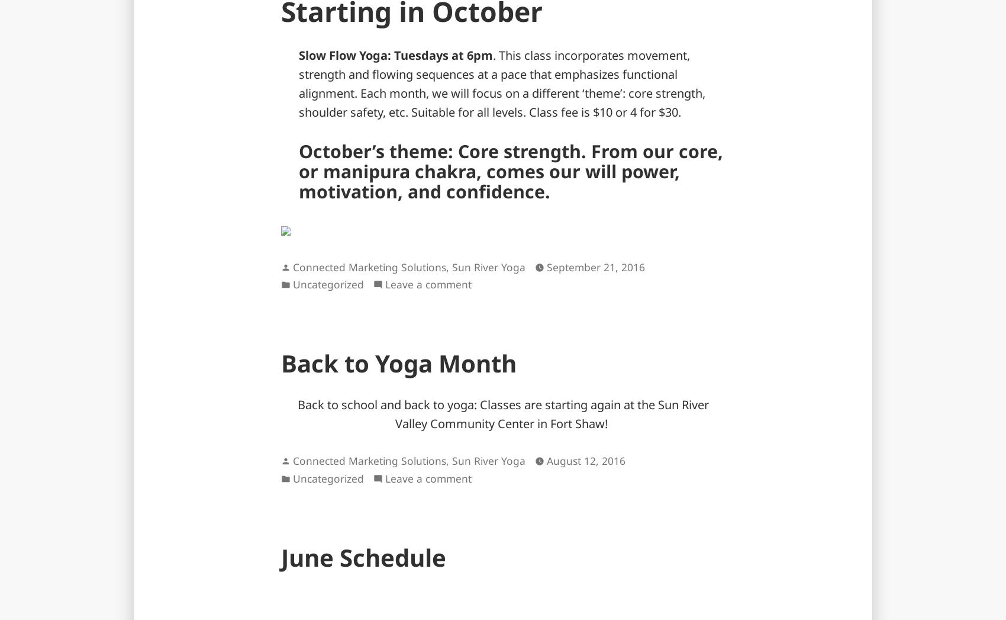 This screenshot has width=1006, height=620. I want to click on 'Back to Yoga Month', so click(399, 362).